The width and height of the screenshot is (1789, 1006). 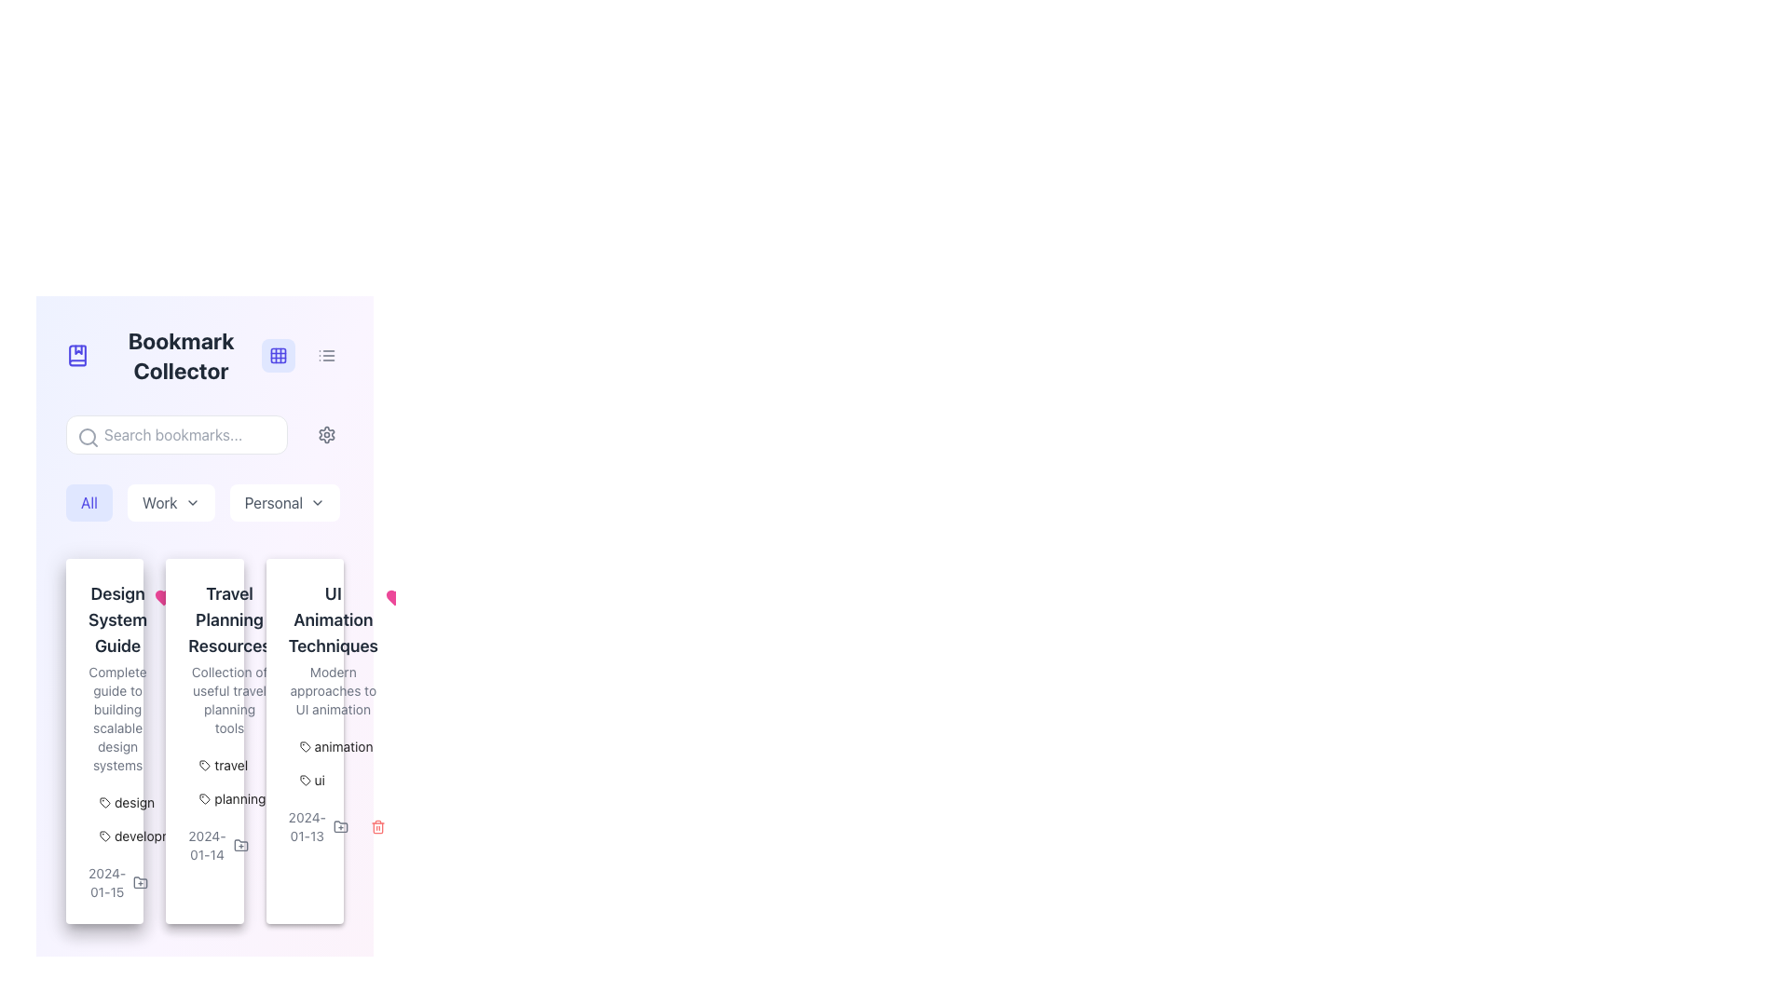 What do you see at coordinates (181, 355) in the screenshot?
I see `the text label 'Bookmark Collector' which serves as the title or header for the current interface` at bounding box center [181, 355].